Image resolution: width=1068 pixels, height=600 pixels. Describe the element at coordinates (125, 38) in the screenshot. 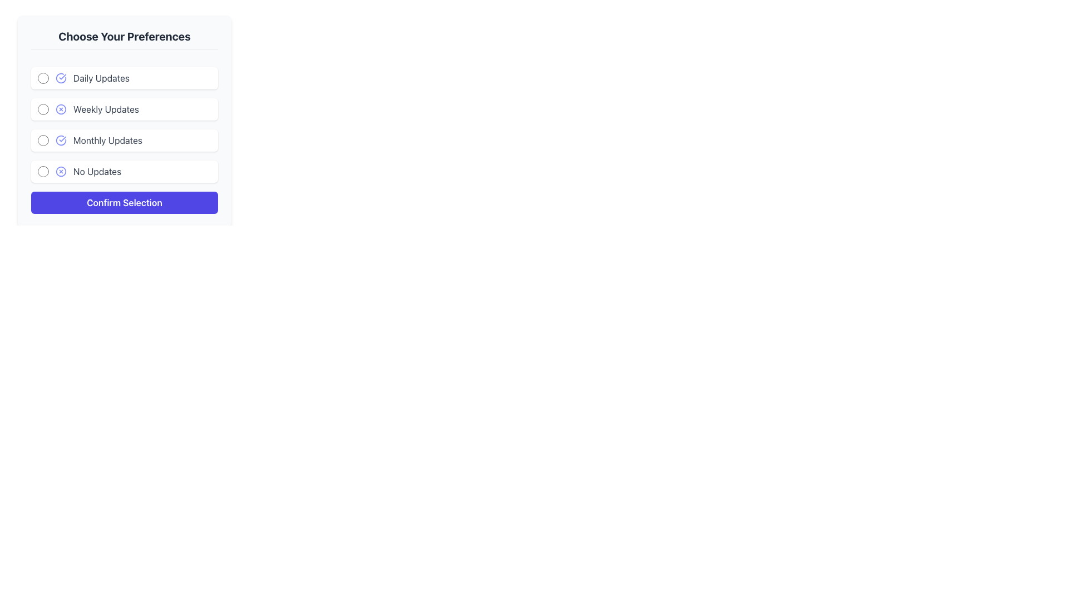

I see `the title text element that provides context for selecting update frequency, located in the card-like structure at the center of the page` at that location.